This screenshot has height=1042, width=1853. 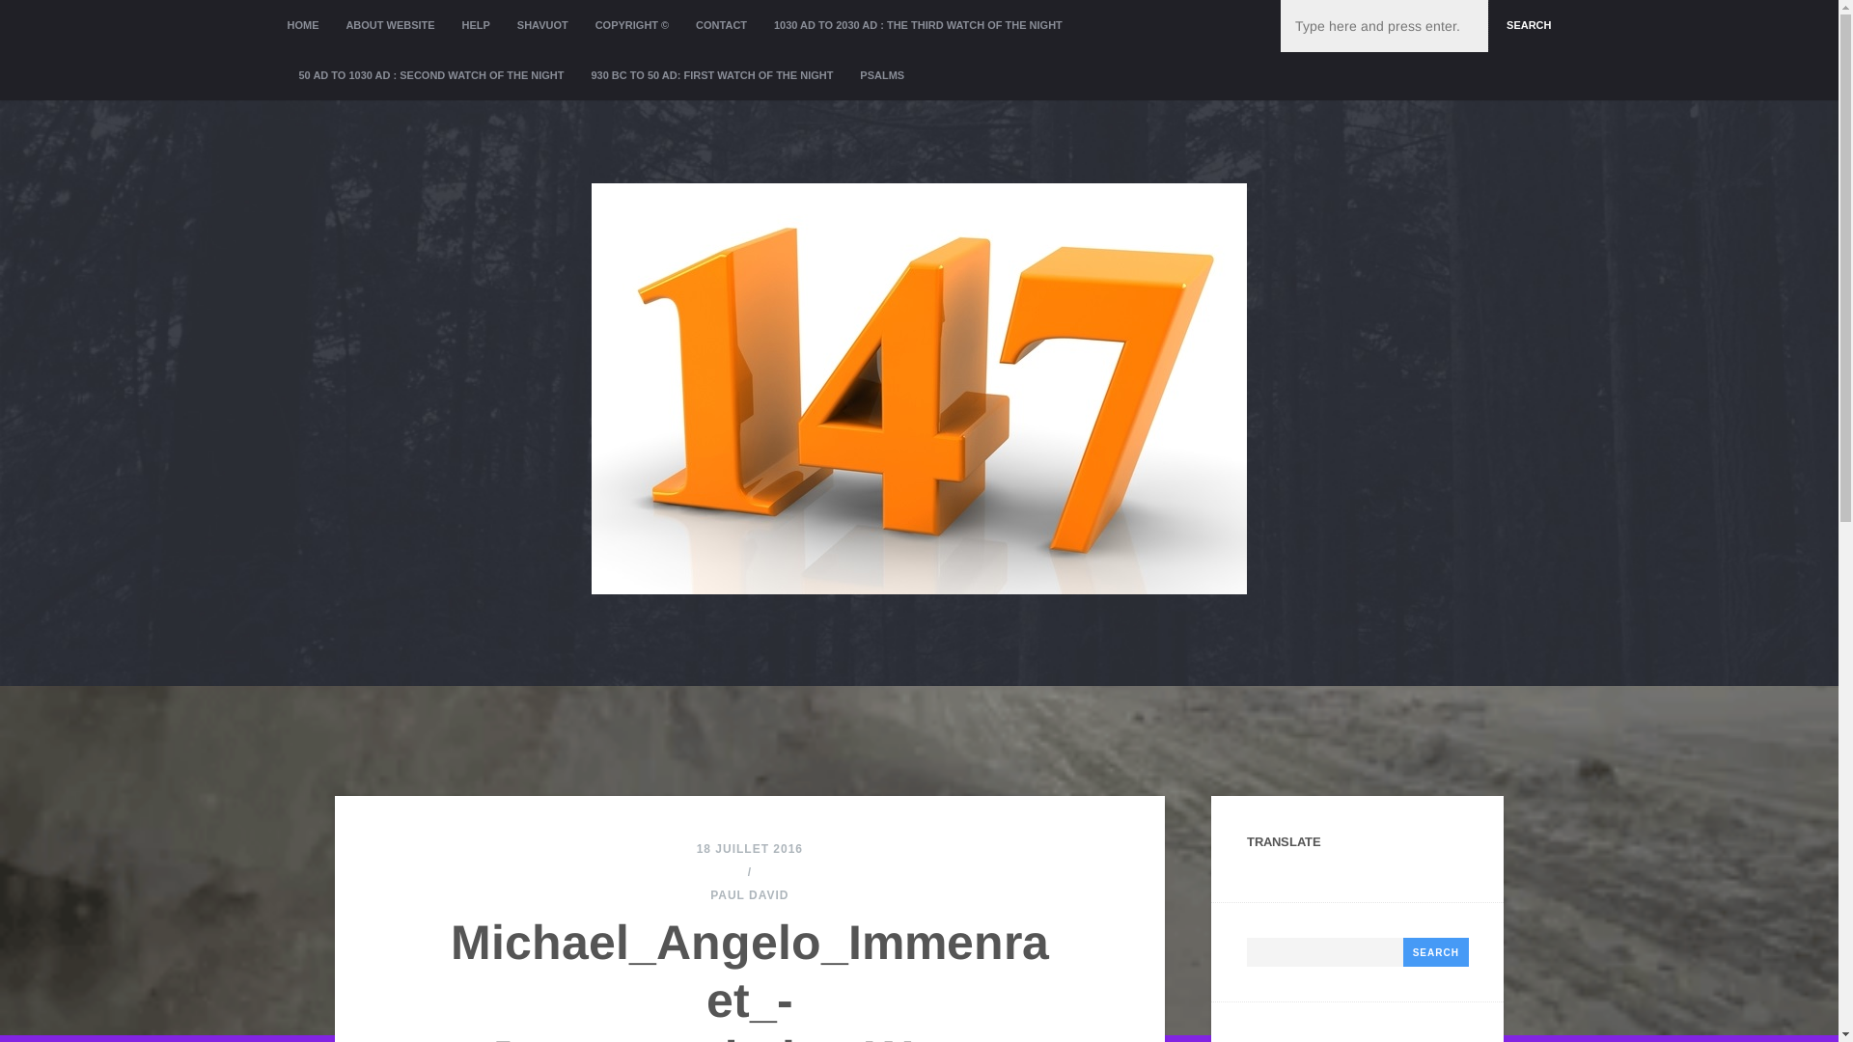 What do you see at coordinates (541, 25) in the screenshot?
I see `'SHAVUOT'` at bounding box center [541, 25].